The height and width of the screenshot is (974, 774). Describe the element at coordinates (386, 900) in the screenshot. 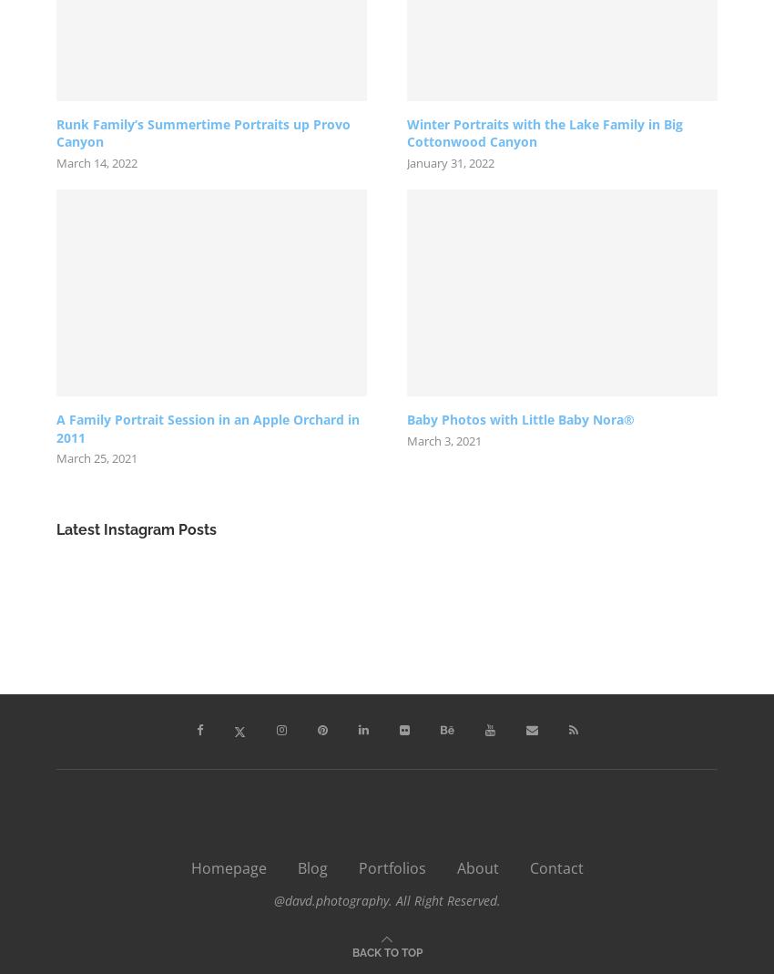

I see `'@davd.photography. All Right Reserved.'` at that location.